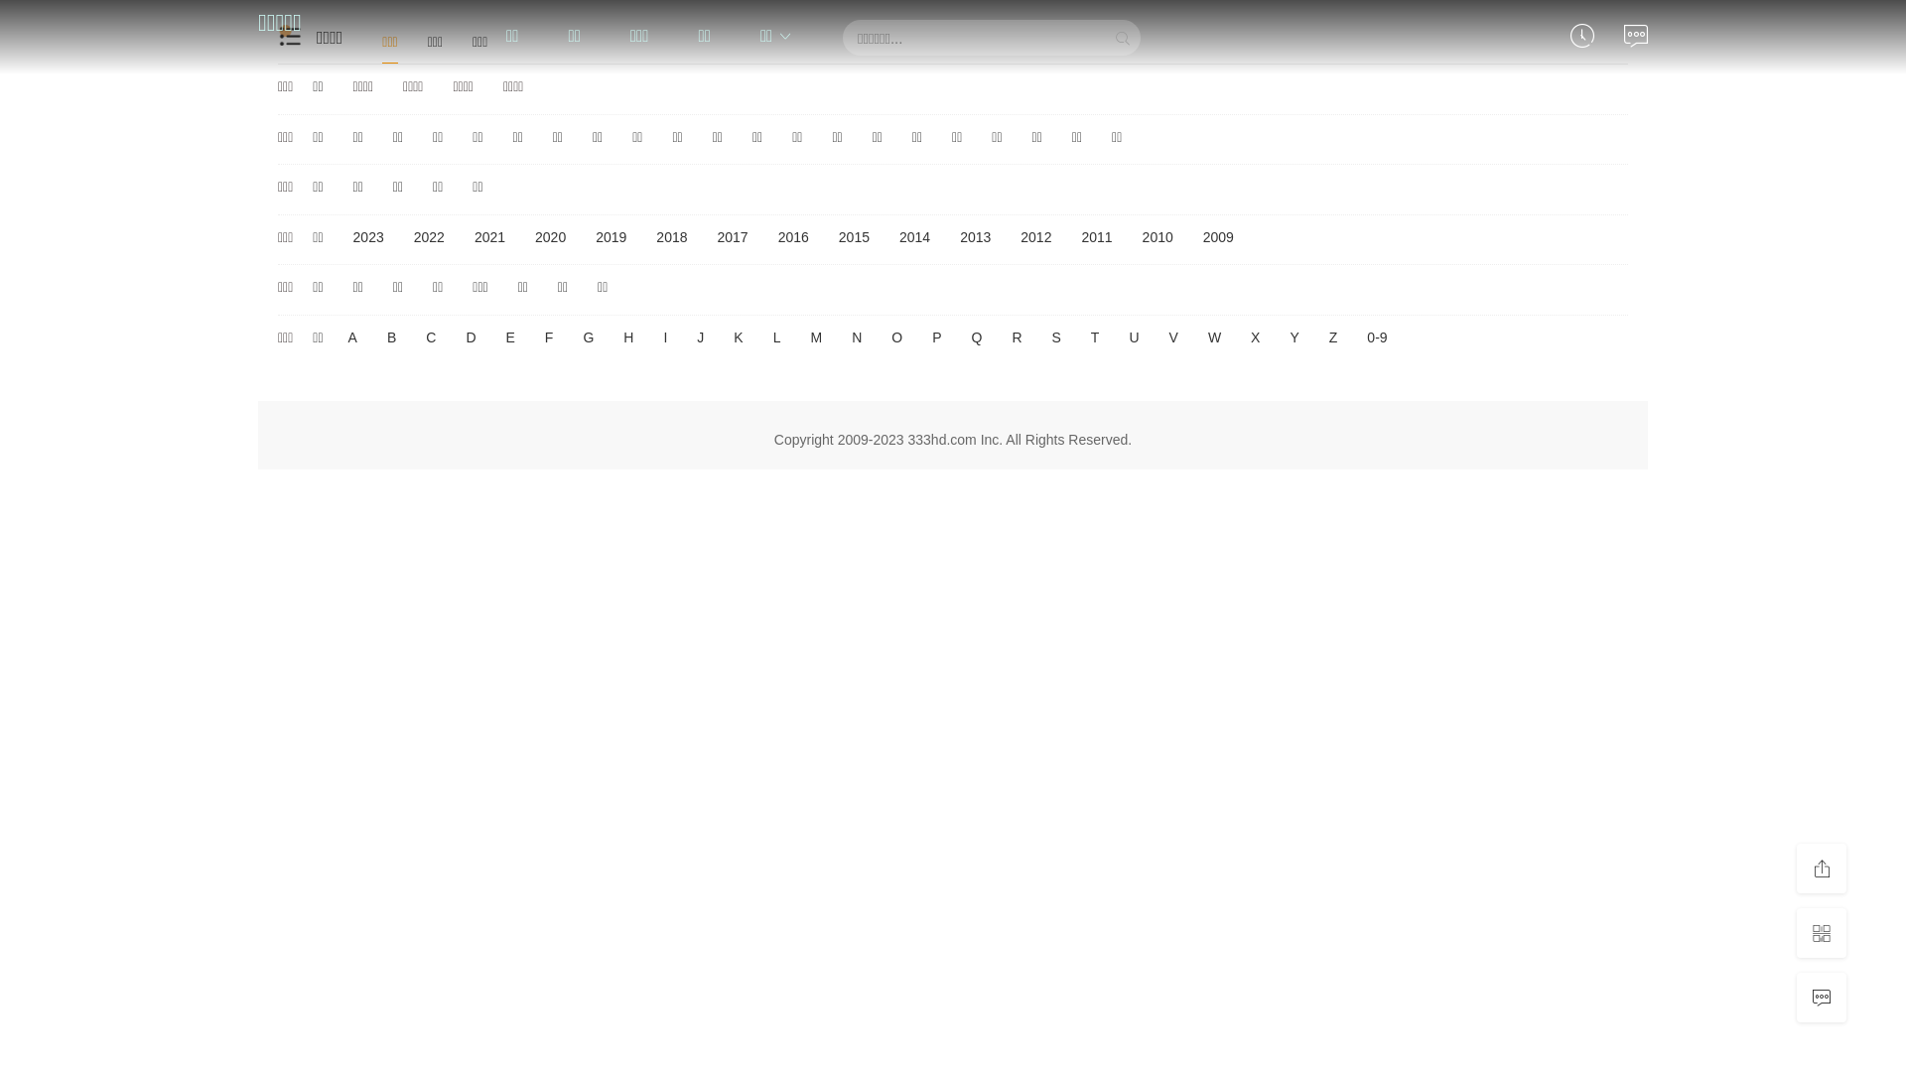  What do you see at coordinates (857, 336) in the screenshot?
I see `'N'` at bounding box center [857, 336].